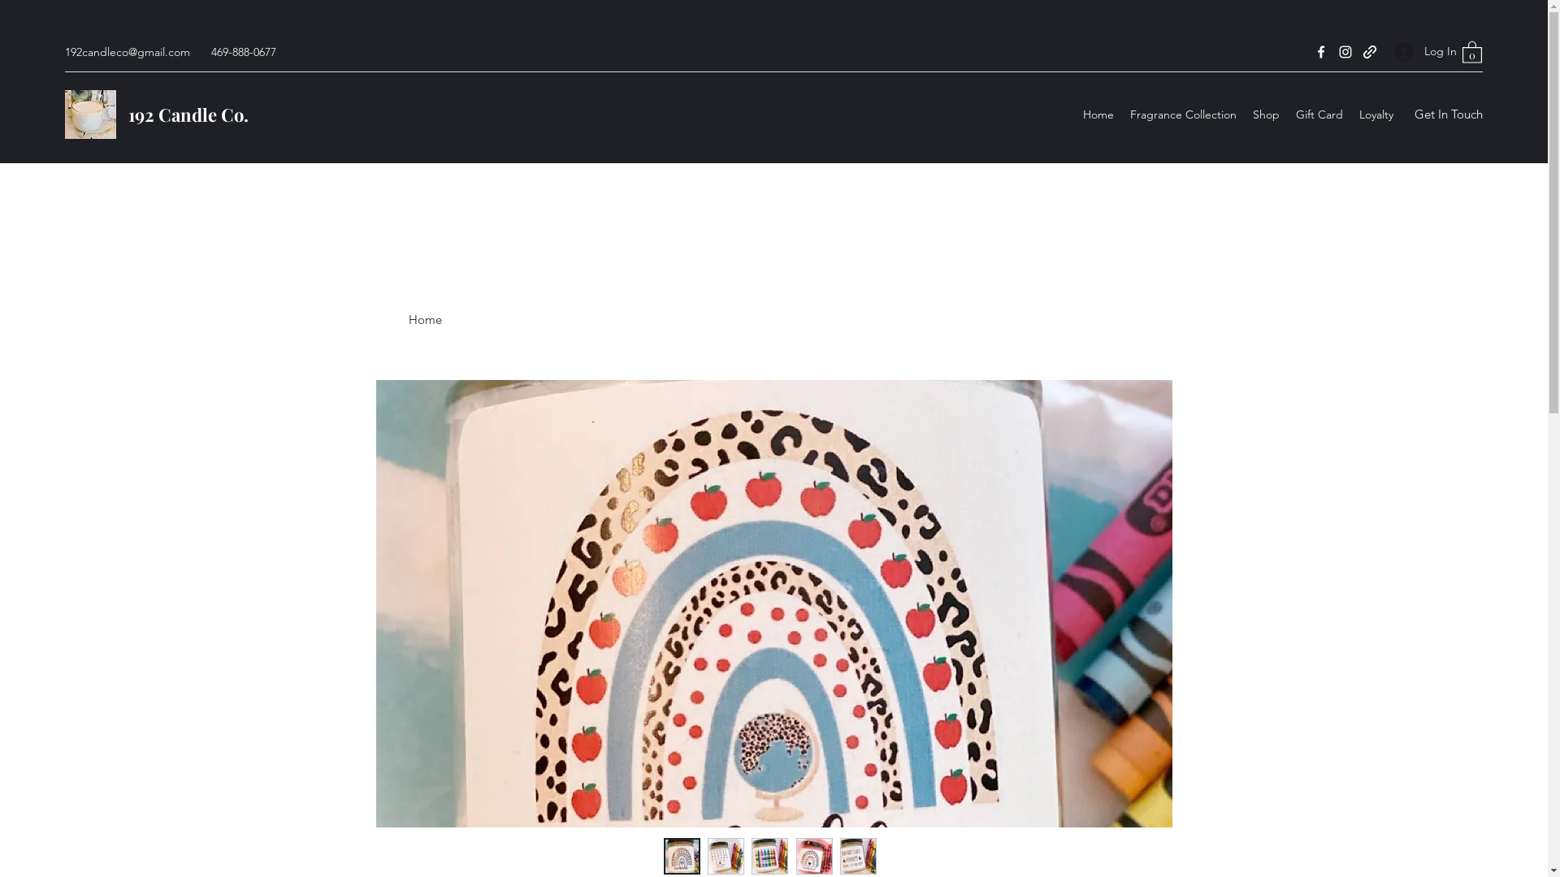 The width and height of the screenshot is (1560, 877). I want to click on 'Fragrance Collection', so click(1183, 114).